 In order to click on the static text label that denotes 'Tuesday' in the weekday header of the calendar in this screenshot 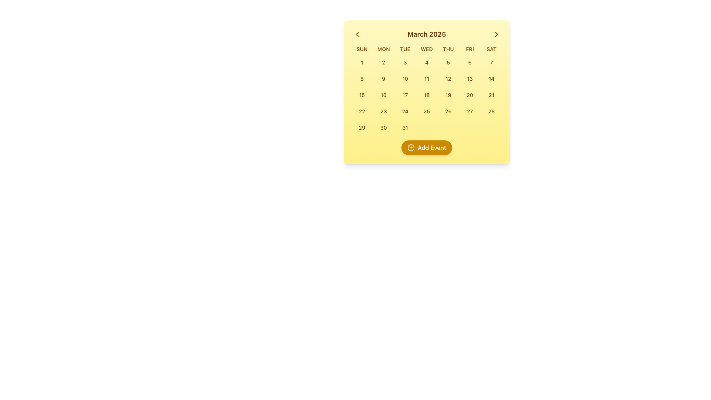, I will do `click(405, 49)`.